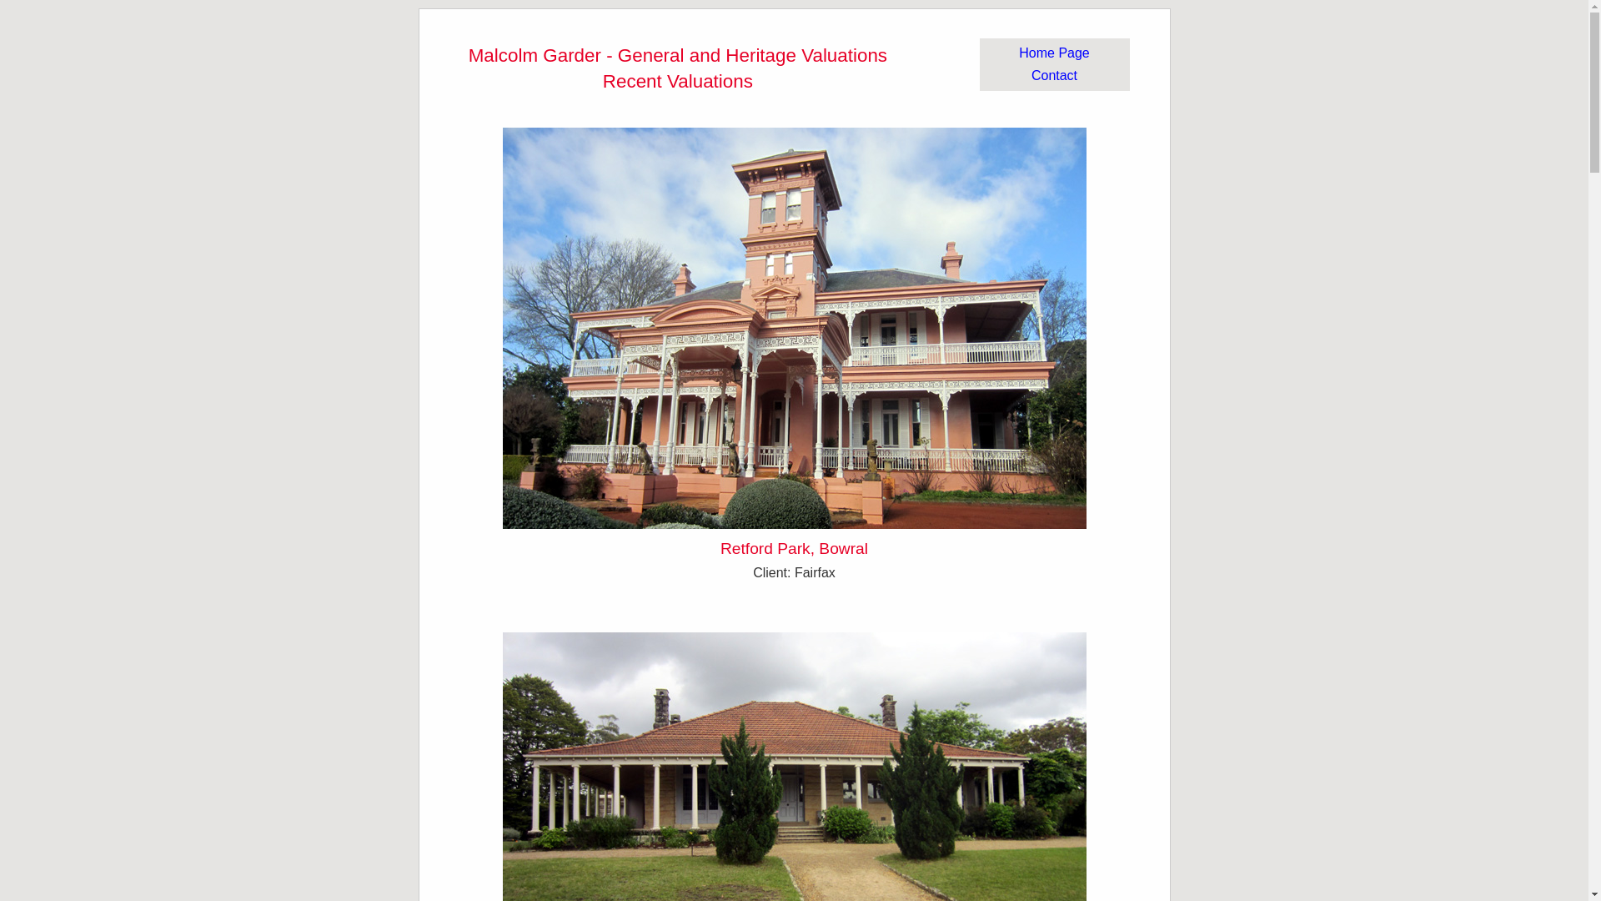 Image resolution: width=1601 pixels, height=901 pixels. Describe the element at coordinates (1031, 75) in the screenshot. I see `'Contact'` at that location.